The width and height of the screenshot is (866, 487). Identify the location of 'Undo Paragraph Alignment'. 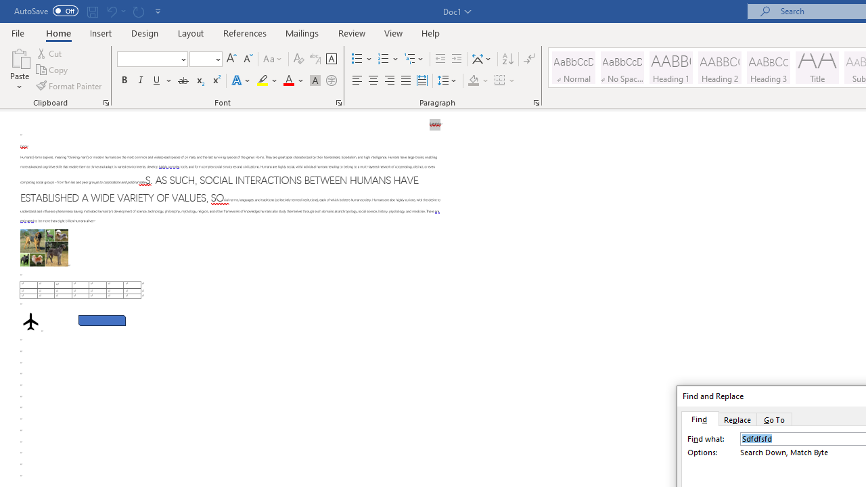
(115, 11).